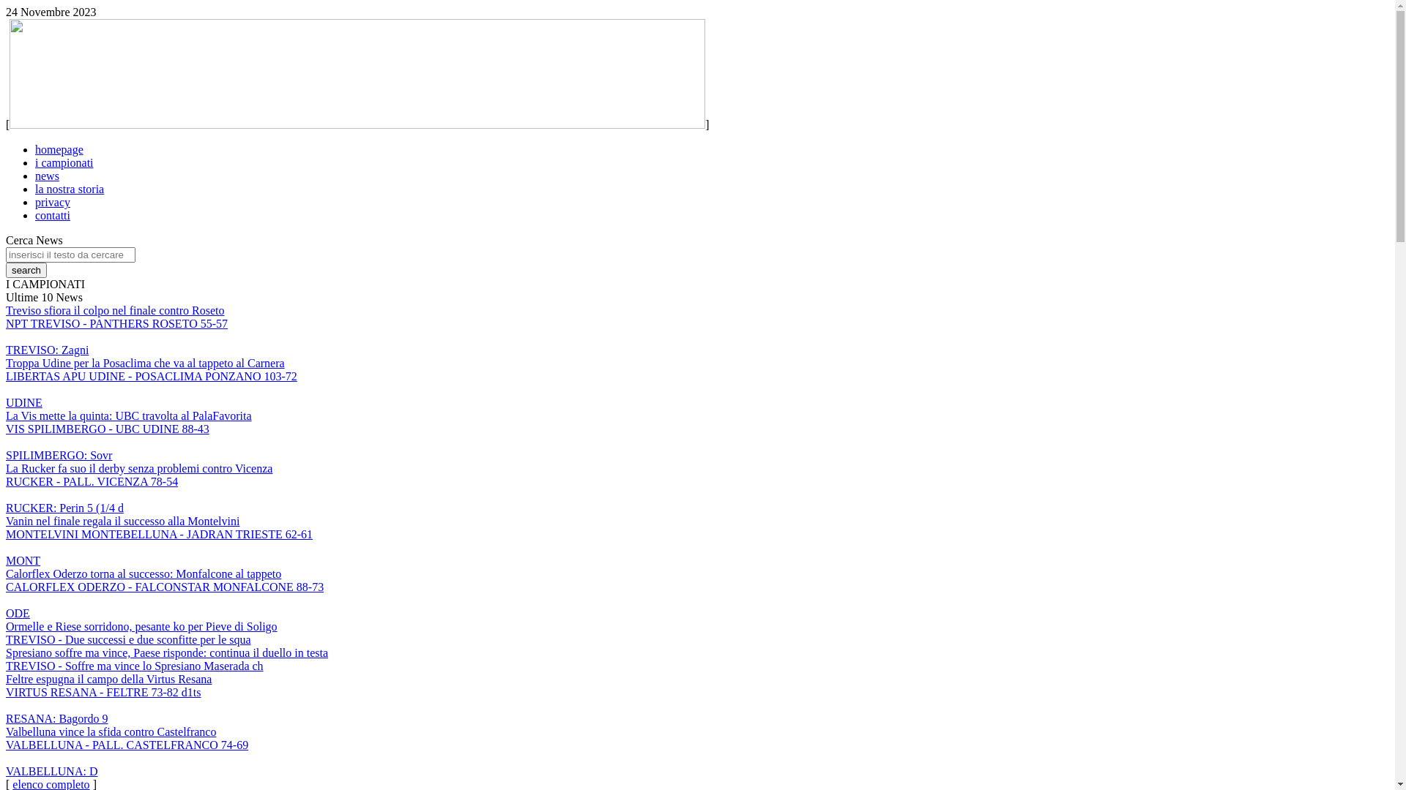 The width and height of the screenshot is (1406, 790). I want to click on 'Ormelle e Riese sorridono, pesante ko per Pieve di Soligo', so click(141, 625).